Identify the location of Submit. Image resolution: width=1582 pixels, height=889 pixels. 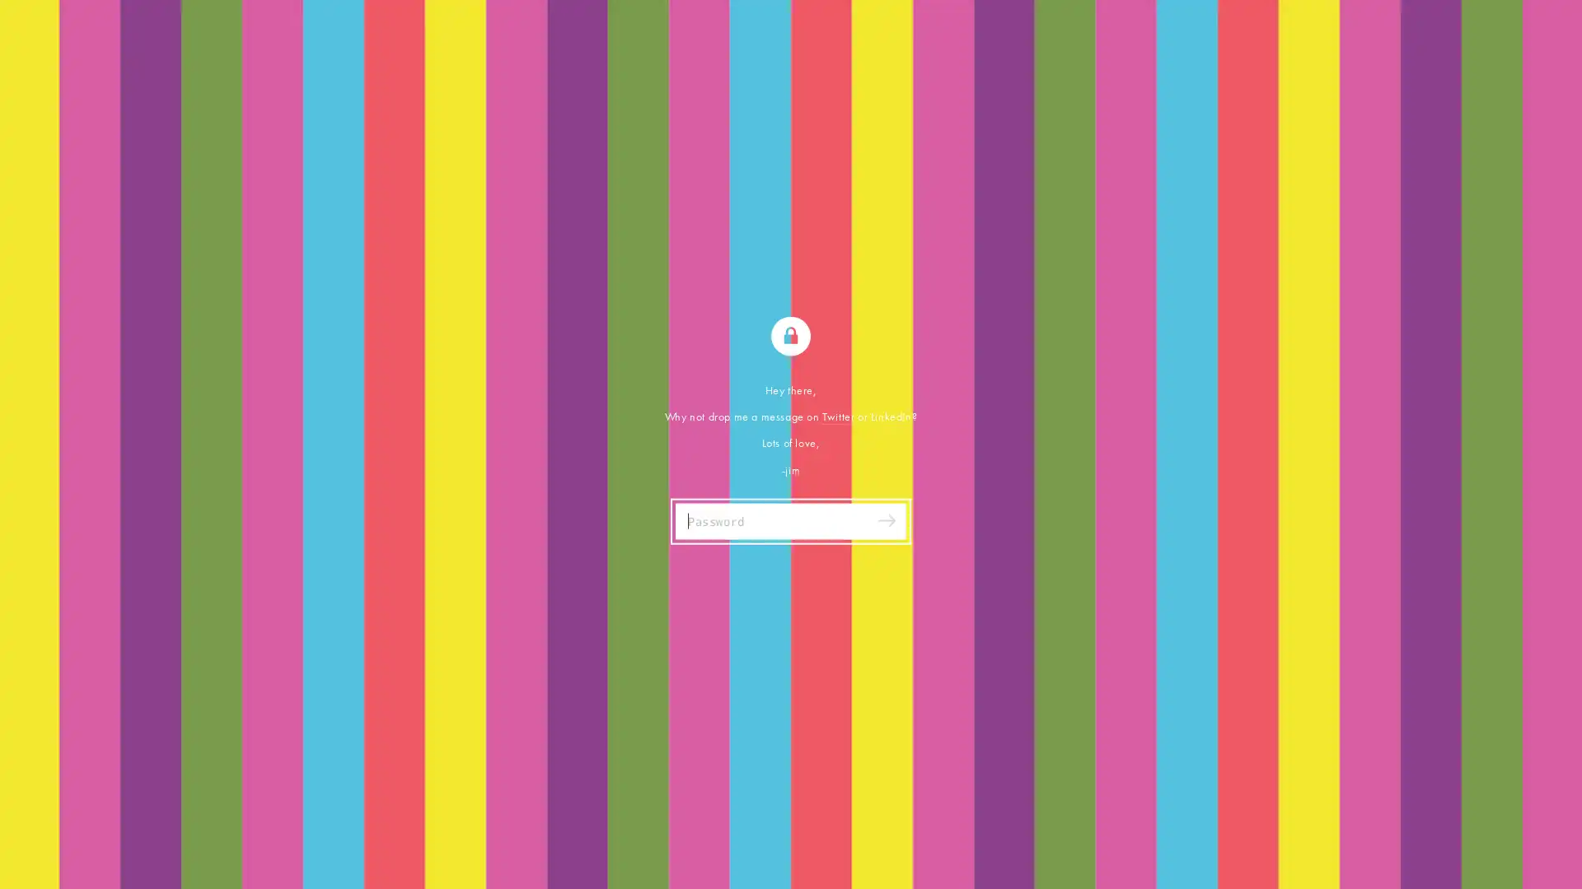
(885, 520).